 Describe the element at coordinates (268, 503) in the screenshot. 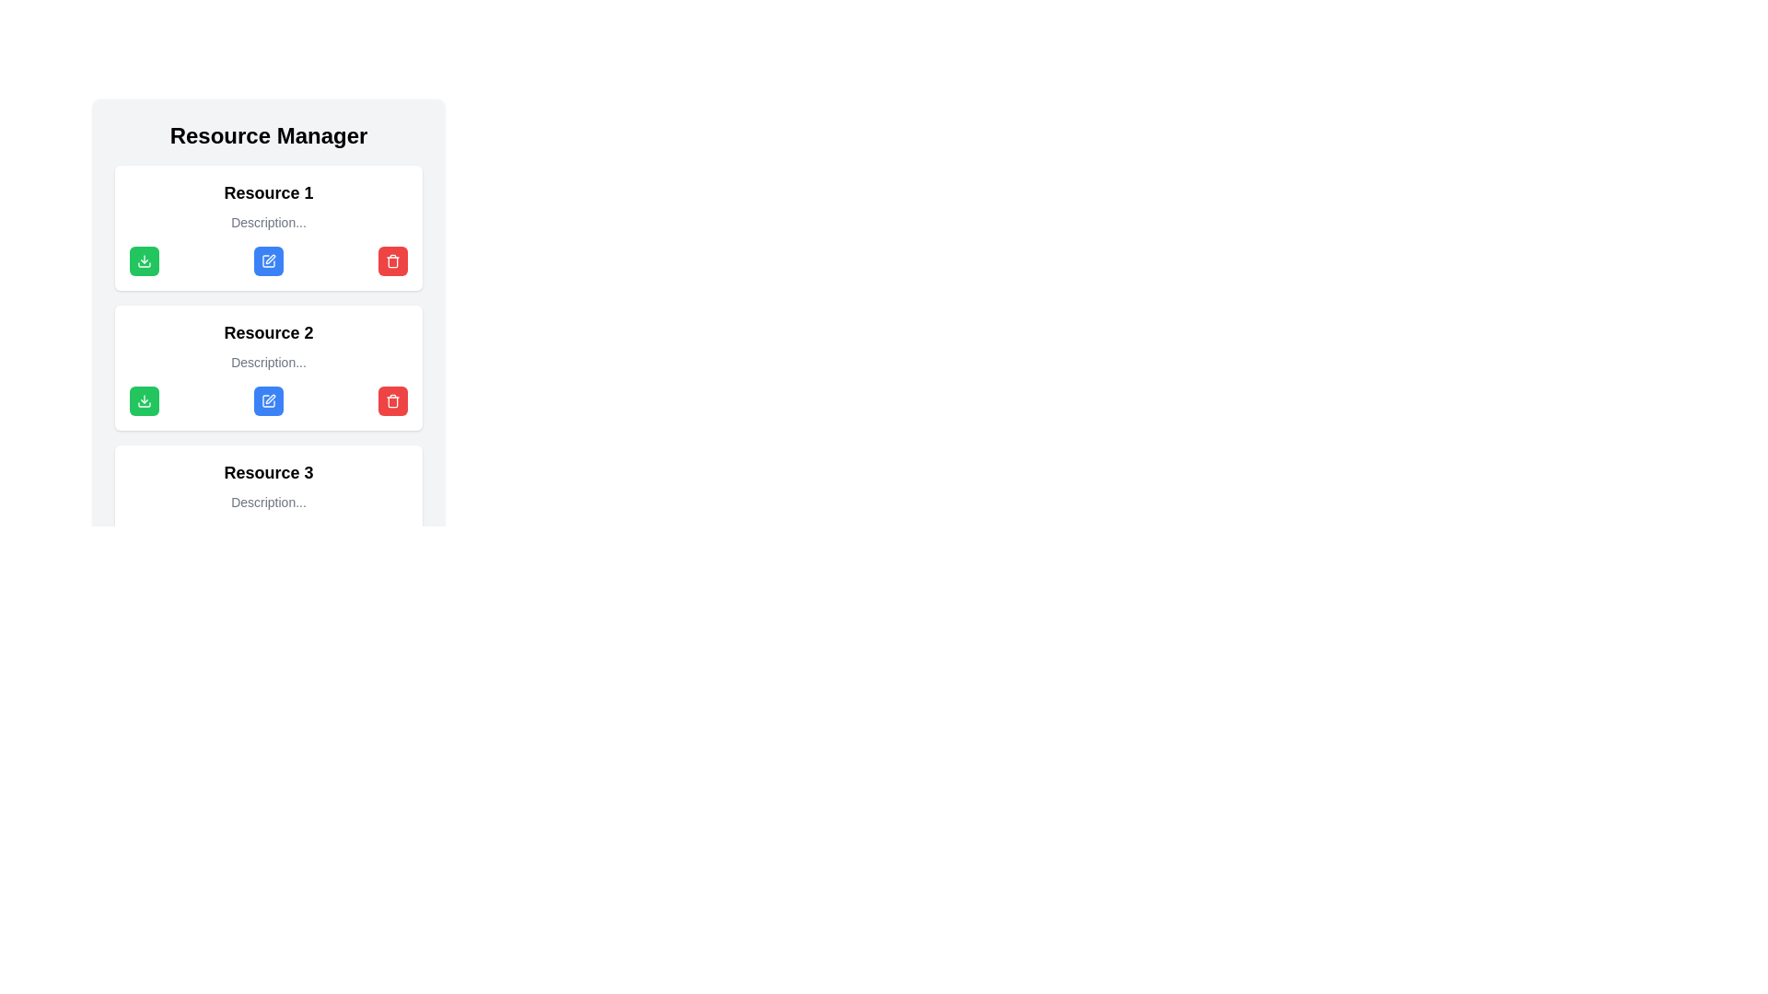

I see `the text content providing additional information related to 'Resource 3', which is located directly below the 'Resource 3' text header within the same card` at that location.